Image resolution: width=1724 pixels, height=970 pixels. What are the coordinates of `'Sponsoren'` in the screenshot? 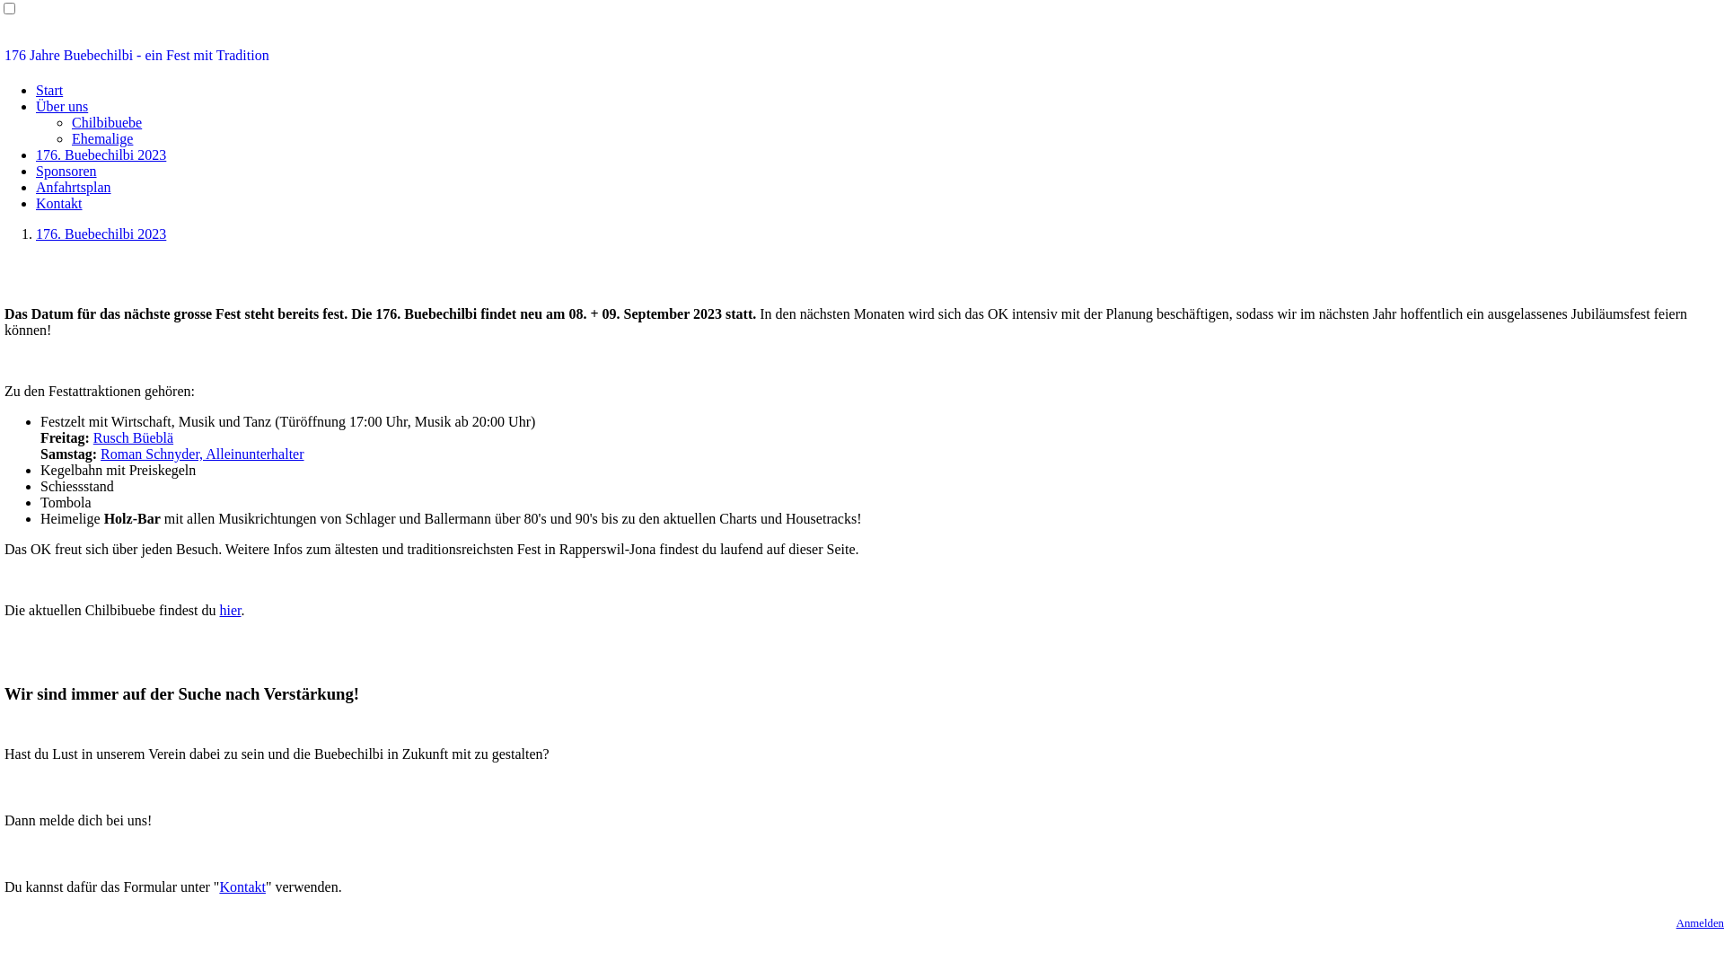 It's located at (66, 171).